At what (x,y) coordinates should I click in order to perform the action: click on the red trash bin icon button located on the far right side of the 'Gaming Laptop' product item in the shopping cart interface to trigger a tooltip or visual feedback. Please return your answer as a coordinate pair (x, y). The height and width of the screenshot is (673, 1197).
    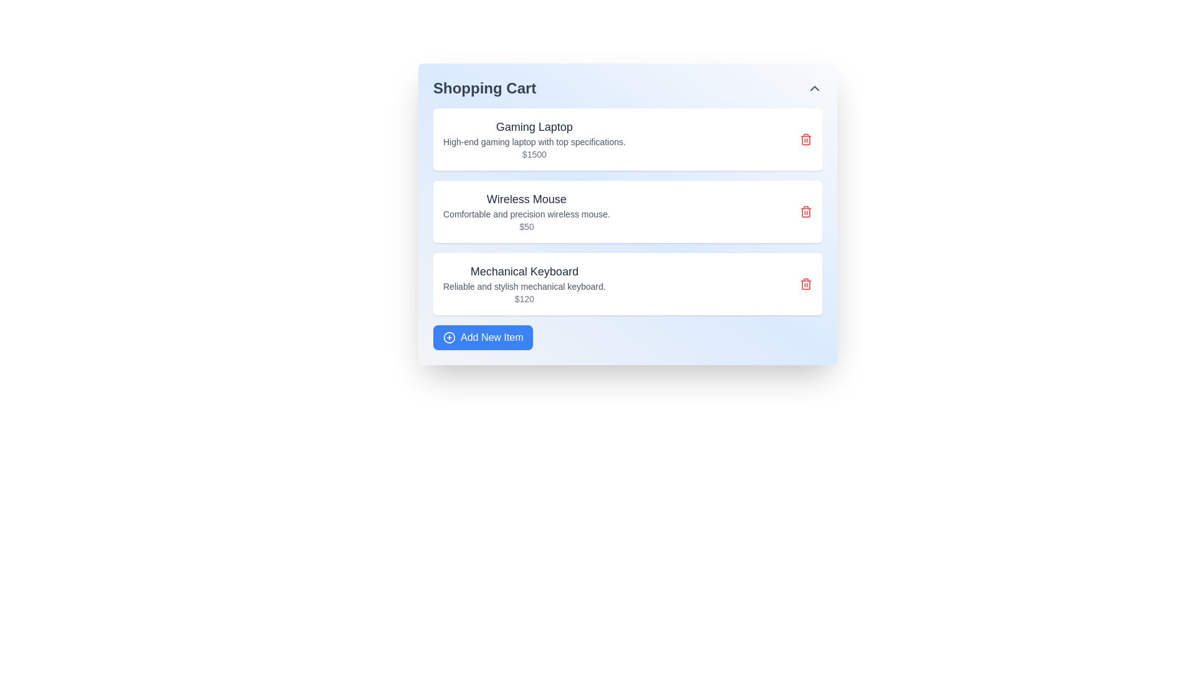
    Looking at the image, I should click on (805, 139).